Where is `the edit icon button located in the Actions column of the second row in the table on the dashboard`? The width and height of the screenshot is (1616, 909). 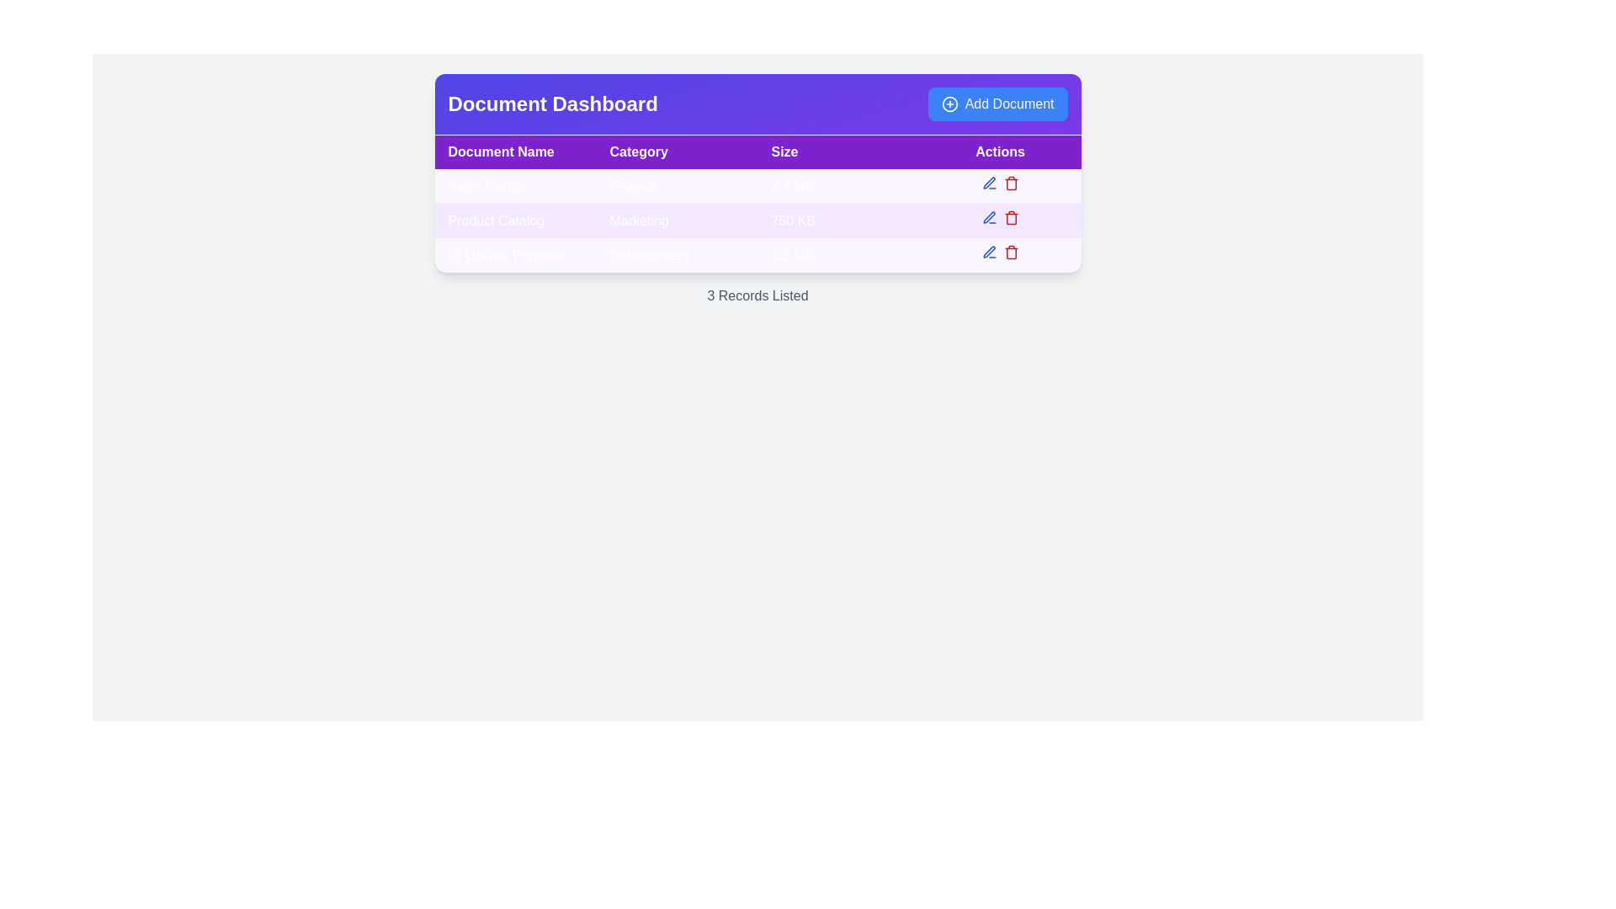
the edit icon button located in the Actions column of the second row in the table on the dashboard is located at coordinates (989, 183).